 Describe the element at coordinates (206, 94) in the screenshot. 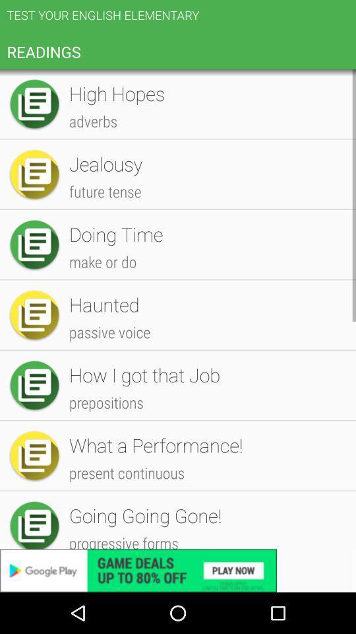

I see `item below the test your english` at that location.